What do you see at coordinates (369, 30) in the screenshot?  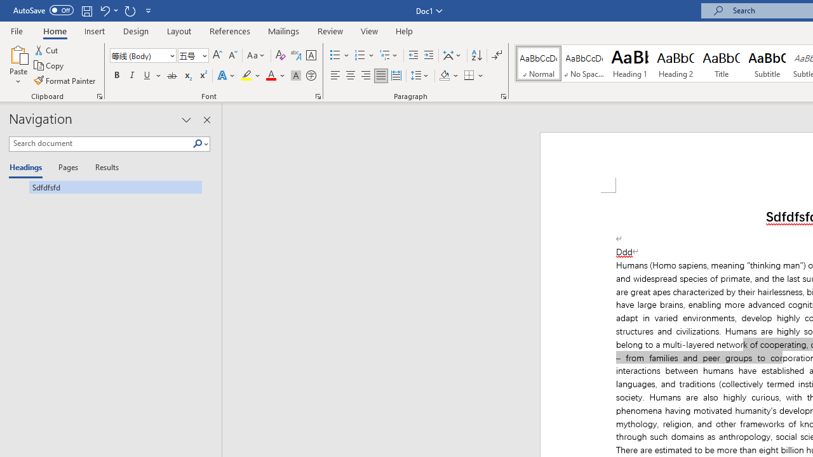 I see `'View'` at bounding box center [369, 30].